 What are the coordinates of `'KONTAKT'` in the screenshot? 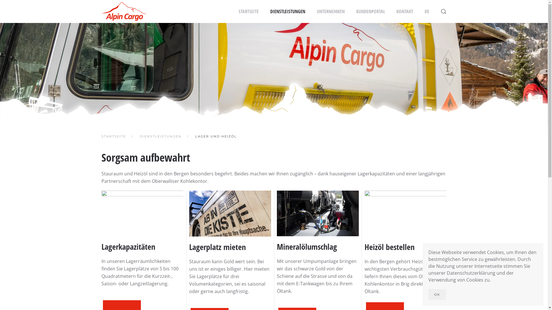 It's located at (404, 11).